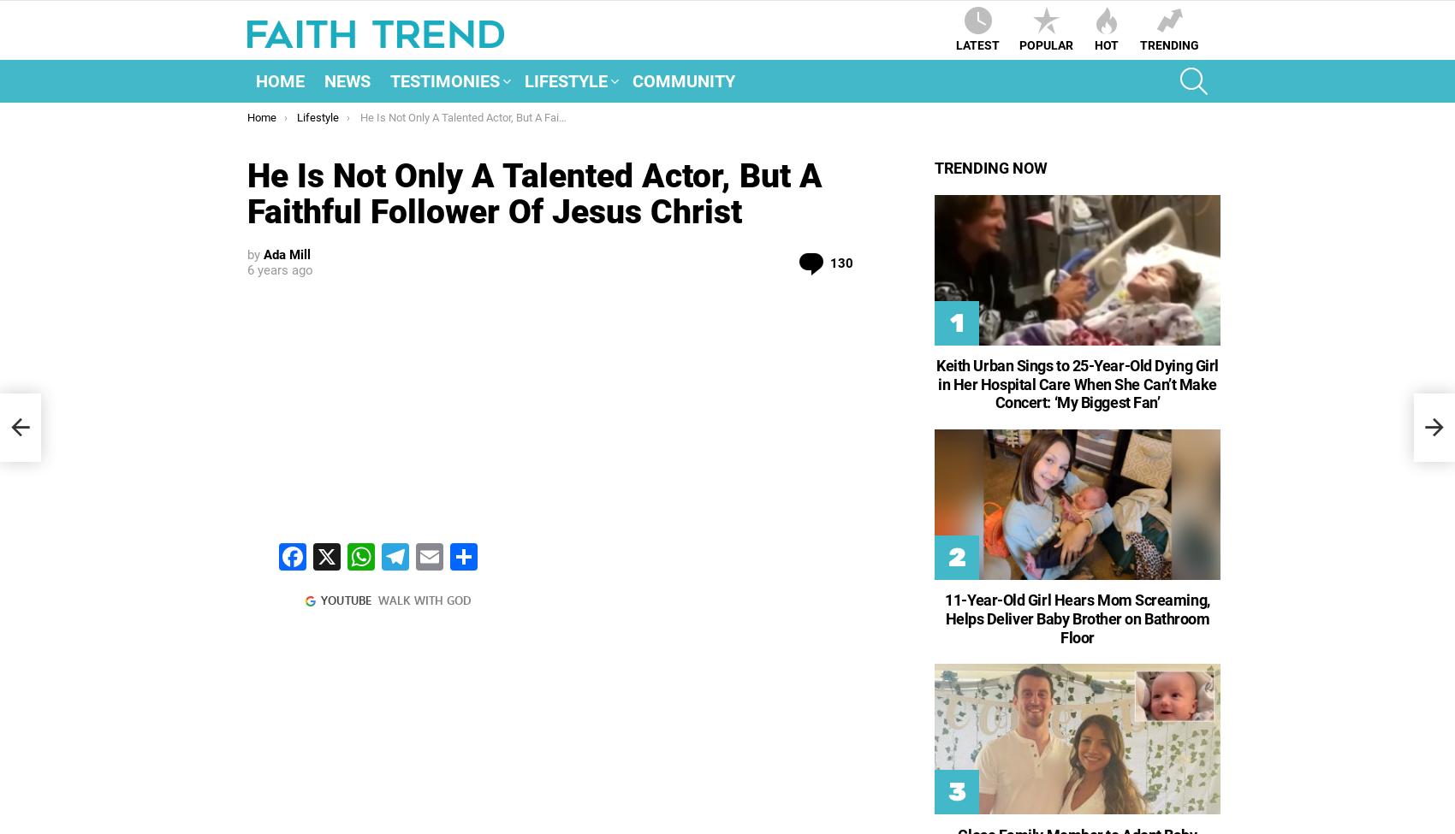 This screenshot has width=1455, height=834. Describe the element at coordinates (421, 624) in the screenshot. I see `'Telegram'` at that location.